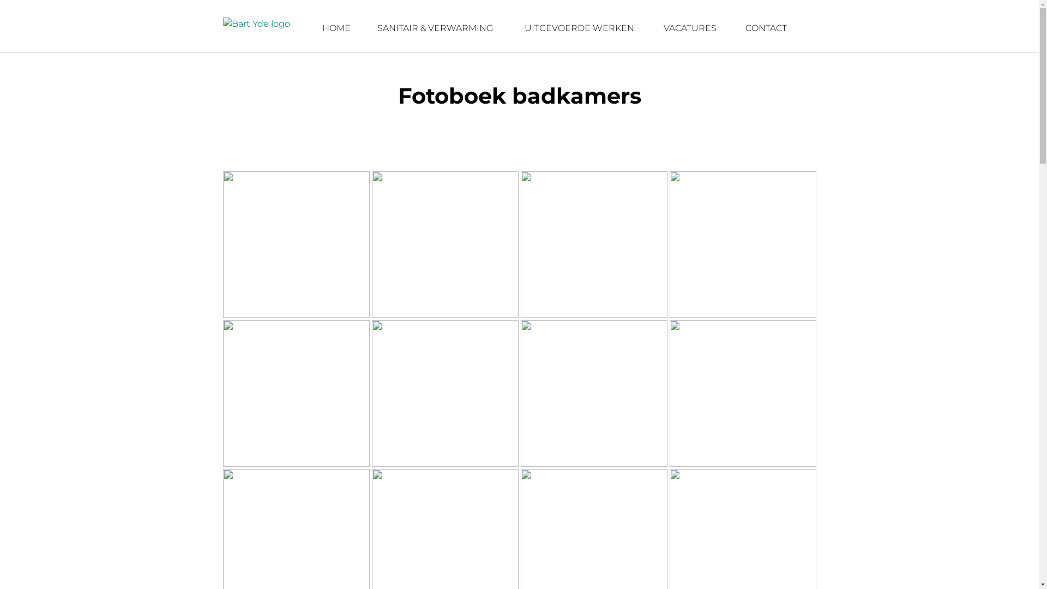 The image size is (1047, 589). I want to click on 'CONTACT', so click(766, 27).